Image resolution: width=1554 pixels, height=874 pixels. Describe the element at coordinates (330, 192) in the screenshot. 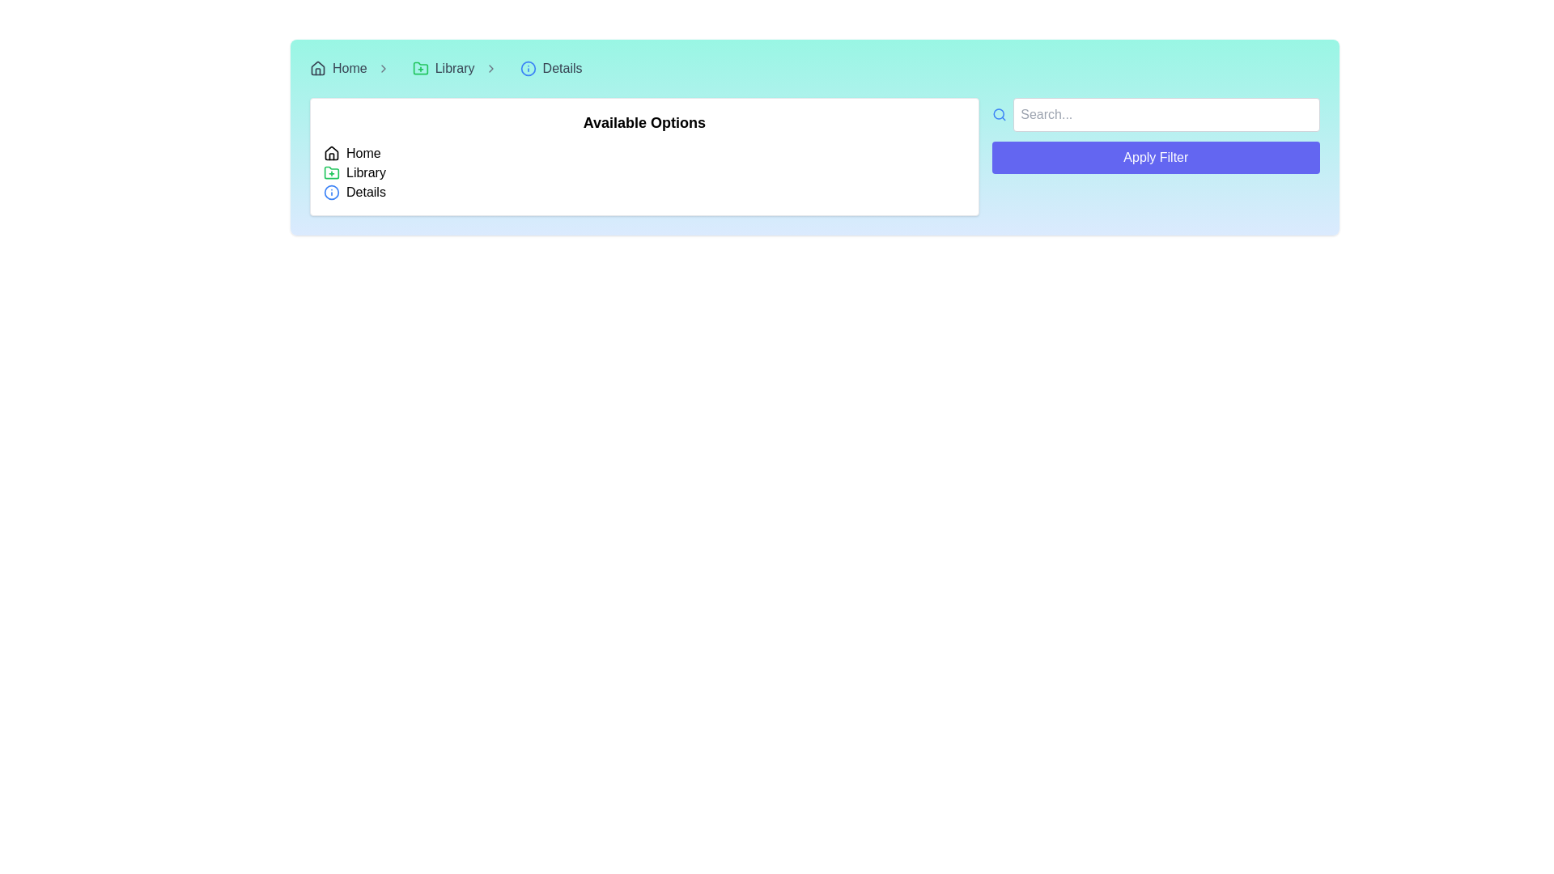

I see `the information indicator icon located to the left of the 'Details' text label` at that location.